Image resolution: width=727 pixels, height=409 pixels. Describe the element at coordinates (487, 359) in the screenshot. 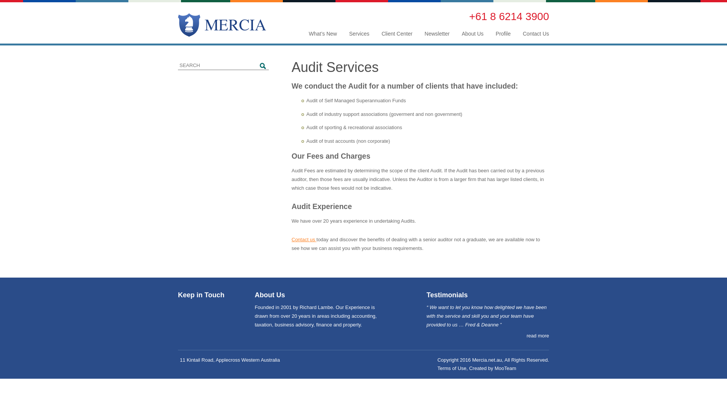

I see `'Mercia.net.au'` at that location.